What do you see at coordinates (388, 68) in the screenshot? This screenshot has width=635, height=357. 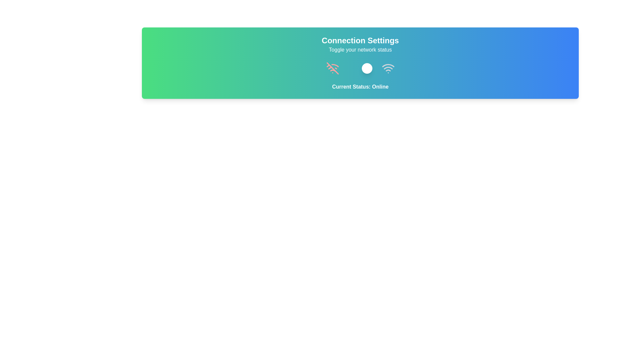 I see `the Wifi icon to toggle the network status` at bounding box center [388, 68].